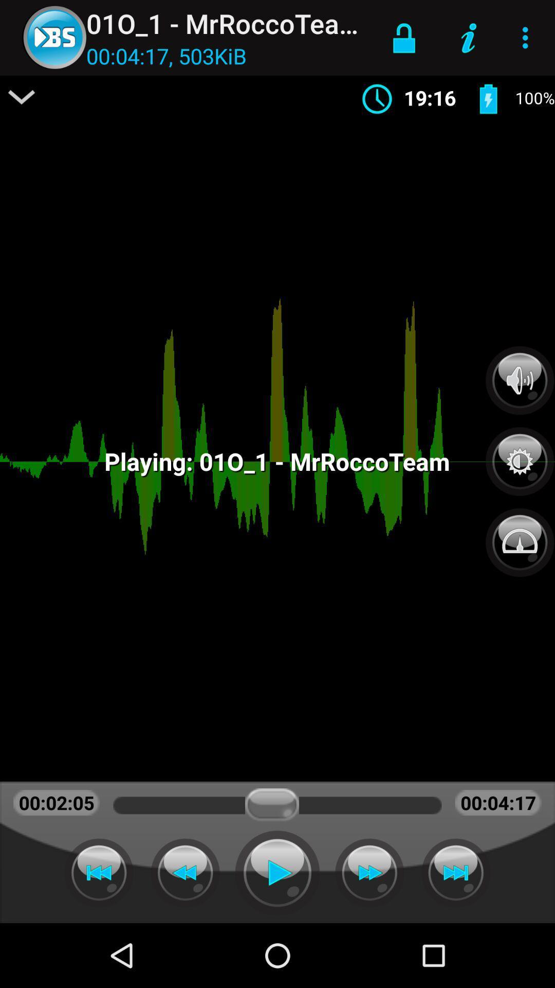  Describe the element at coordinates (22, 97) in the screenshot. I see `show drop-down menu` at that location.